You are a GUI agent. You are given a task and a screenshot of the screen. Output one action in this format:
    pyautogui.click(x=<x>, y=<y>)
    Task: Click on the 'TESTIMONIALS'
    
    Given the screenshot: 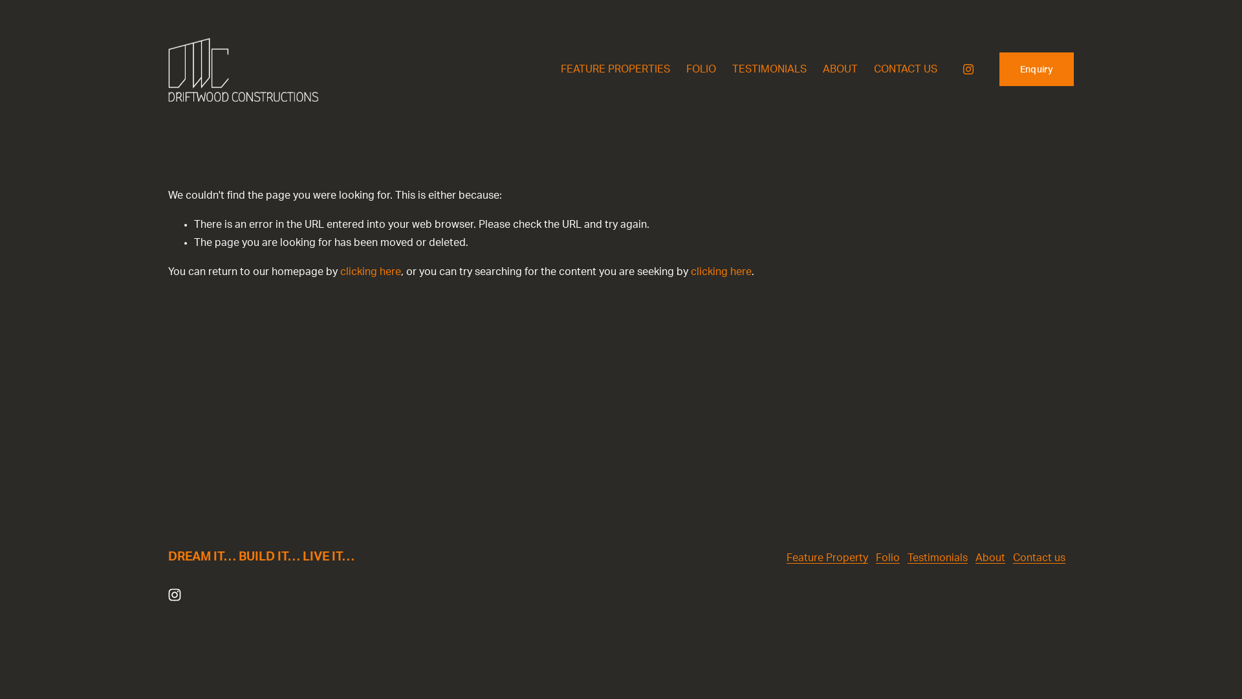 What is the action you would take?
    pyautogui.click(x=732, y=69)
    